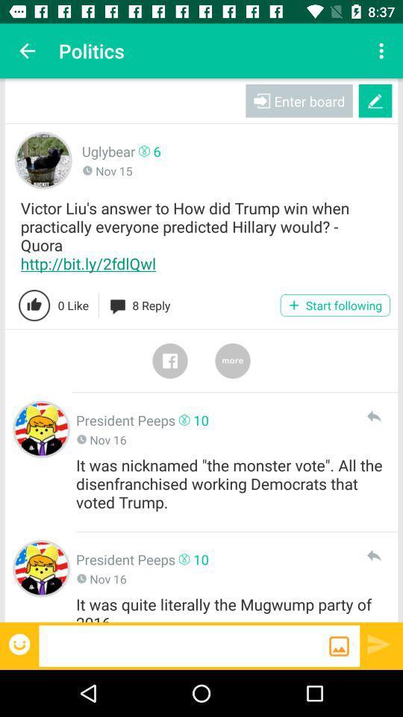 The height and width of the screenshot is (717, 403). I want to click on more button, so click(233, 360).